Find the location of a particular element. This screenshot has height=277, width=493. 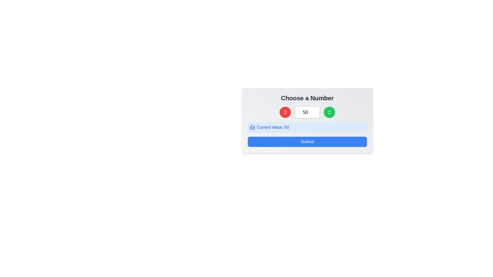

the button located to the far left of the input field displaying the number 50 is located at coordinates (285, 112).